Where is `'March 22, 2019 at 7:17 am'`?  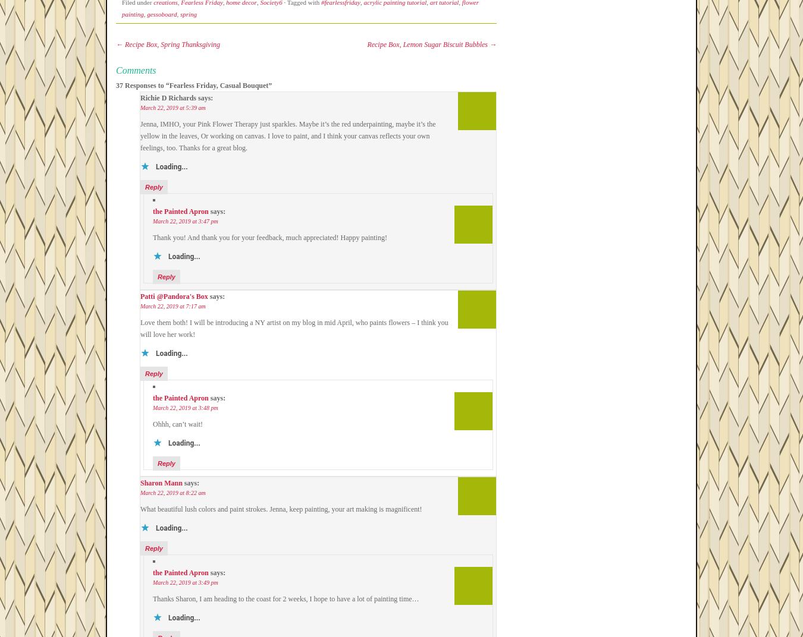 'March 22, 2019 at 7:17 am' is located at coordinates (172, 306).